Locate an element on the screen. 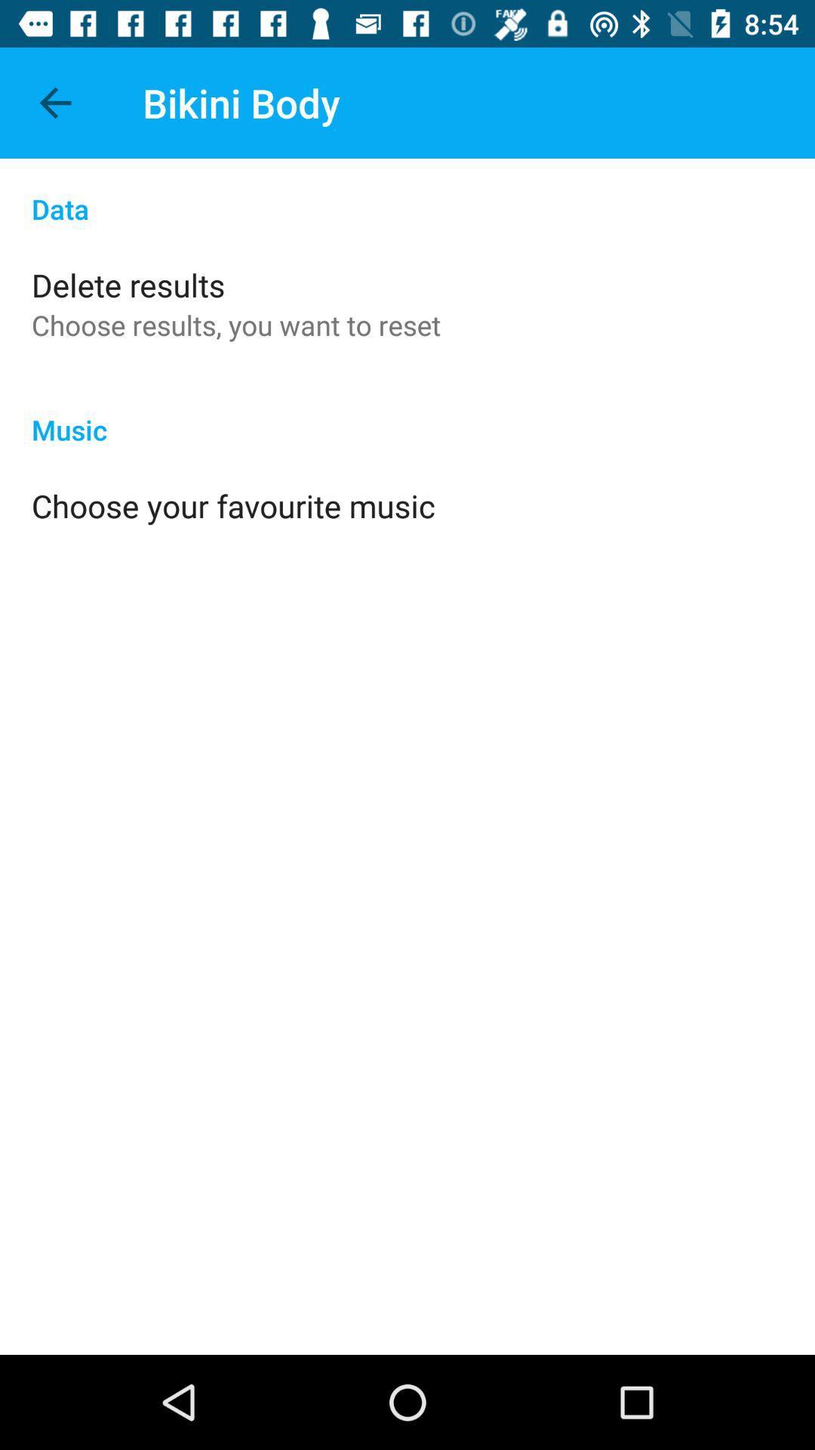  item above the delete results app is located at coordinates (407, 192).